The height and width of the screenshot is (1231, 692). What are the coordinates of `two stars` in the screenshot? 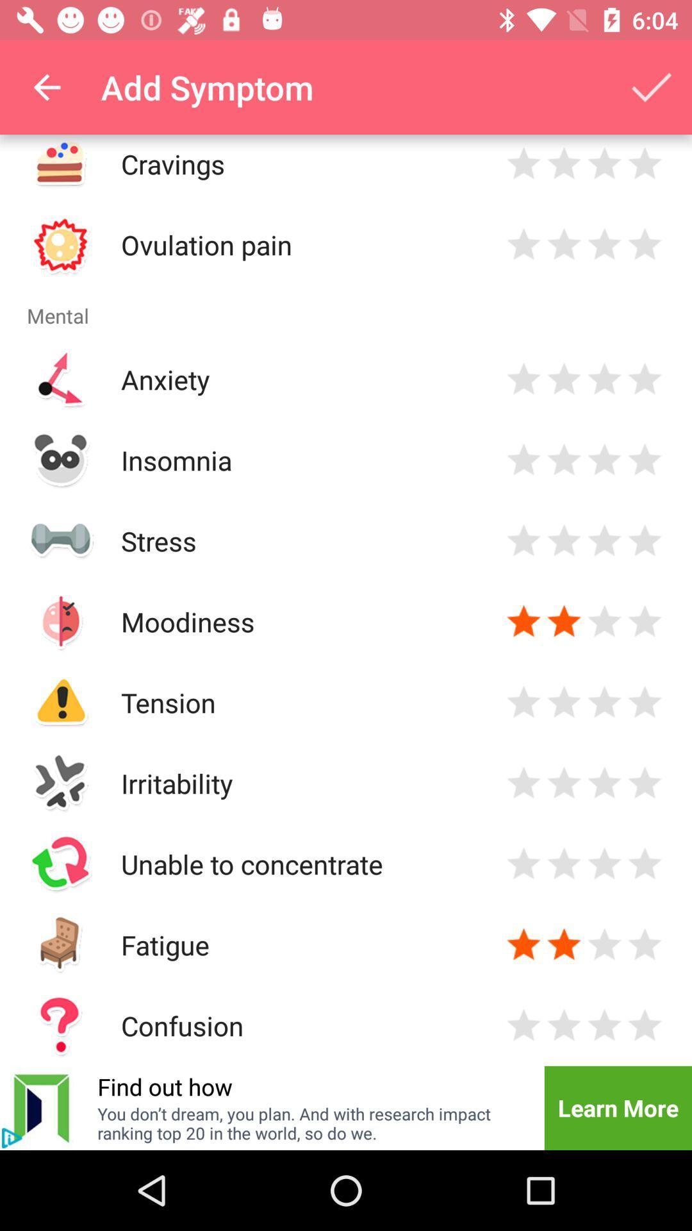 It's located at (563, 244).